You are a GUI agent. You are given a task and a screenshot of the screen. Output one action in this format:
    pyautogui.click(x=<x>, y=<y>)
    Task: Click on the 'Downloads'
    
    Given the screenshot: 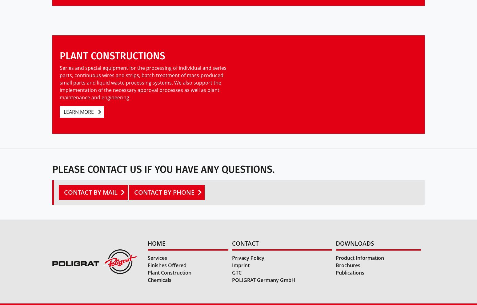 What is the action you would take?
    pyautogui.click(x=335, y=243)
    